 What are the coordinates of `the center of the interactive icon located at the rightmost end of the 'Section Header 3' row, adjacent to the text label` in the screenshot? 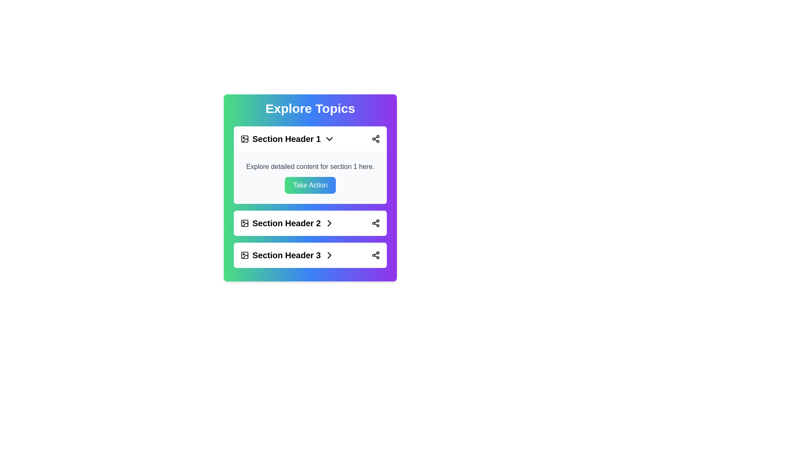 It's located at (329, 254).